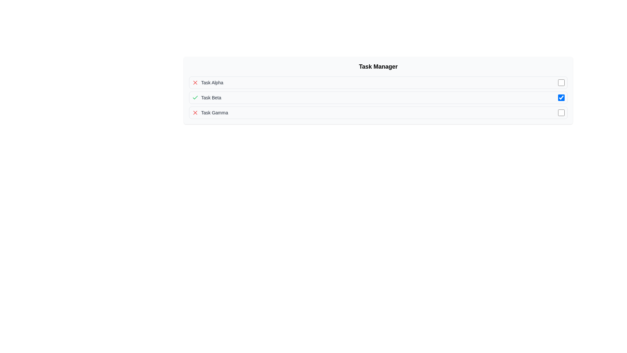 This screenshot has width=627, height=353. I want to click on the task Task Gamma, so click(378, 112).